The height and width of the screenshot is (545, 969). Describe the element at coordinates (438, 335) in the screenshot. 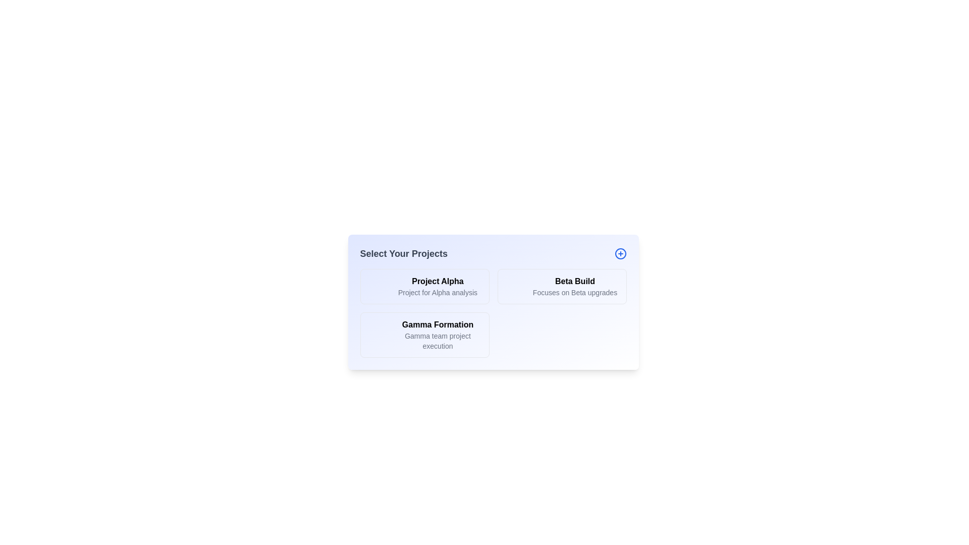

I see `the Text Block titled 'Gamma Formation' which contains the description 'Gamma team project execution'` at that location.